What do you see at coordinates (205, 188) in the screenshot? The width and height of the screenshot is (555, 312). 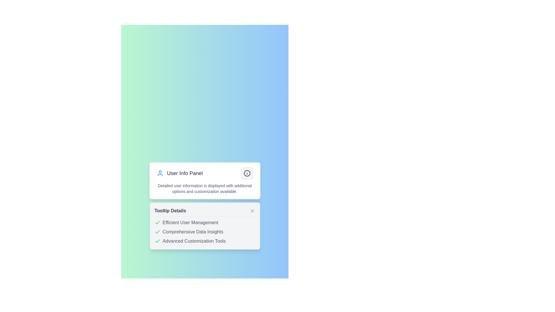 I see `the static text block displaying 'Detailed user information is displayed with additional options and customization available.' located below the 'User Info Panel' header` at bounding box center [205, 188].